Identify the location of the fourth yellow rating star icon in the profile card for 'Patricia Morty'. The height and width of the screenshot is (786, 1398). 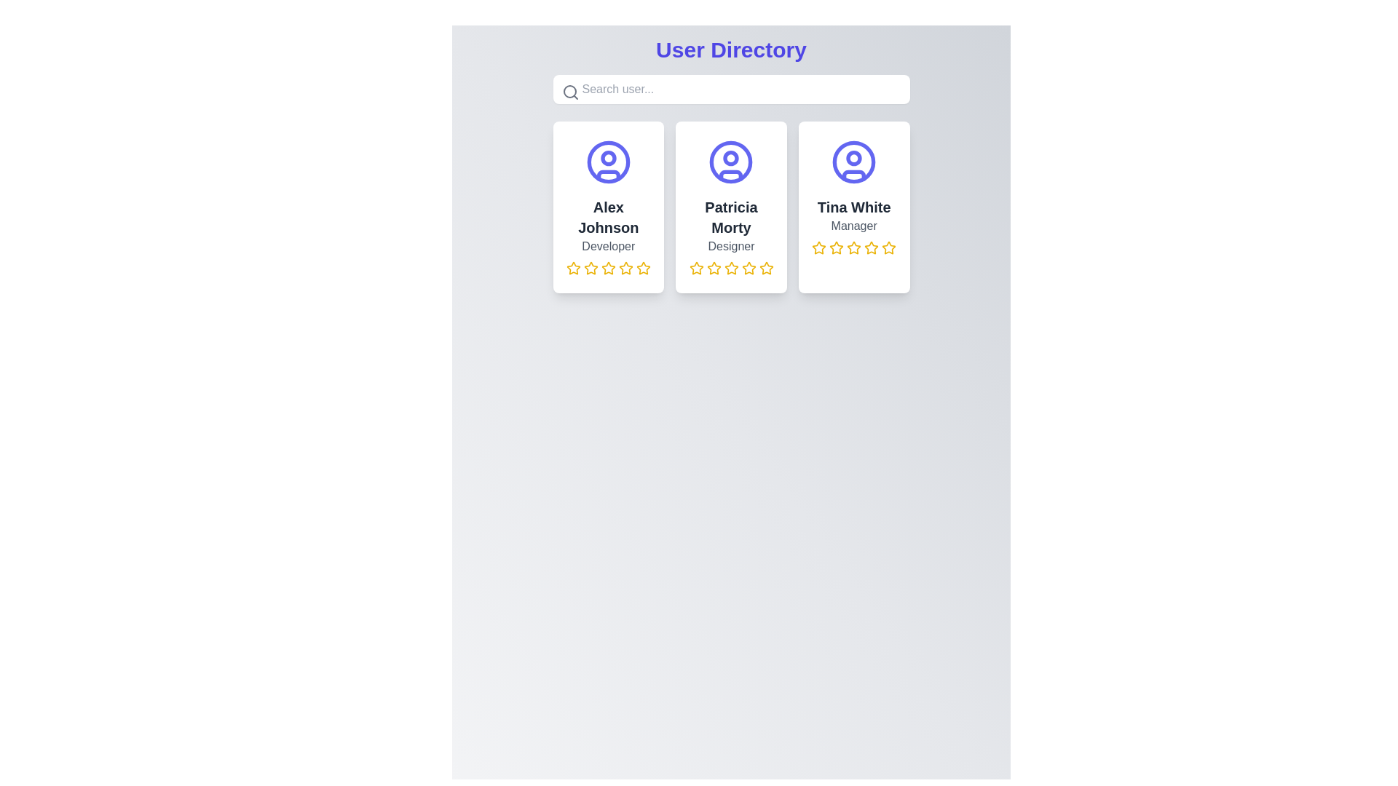
(749, 268).